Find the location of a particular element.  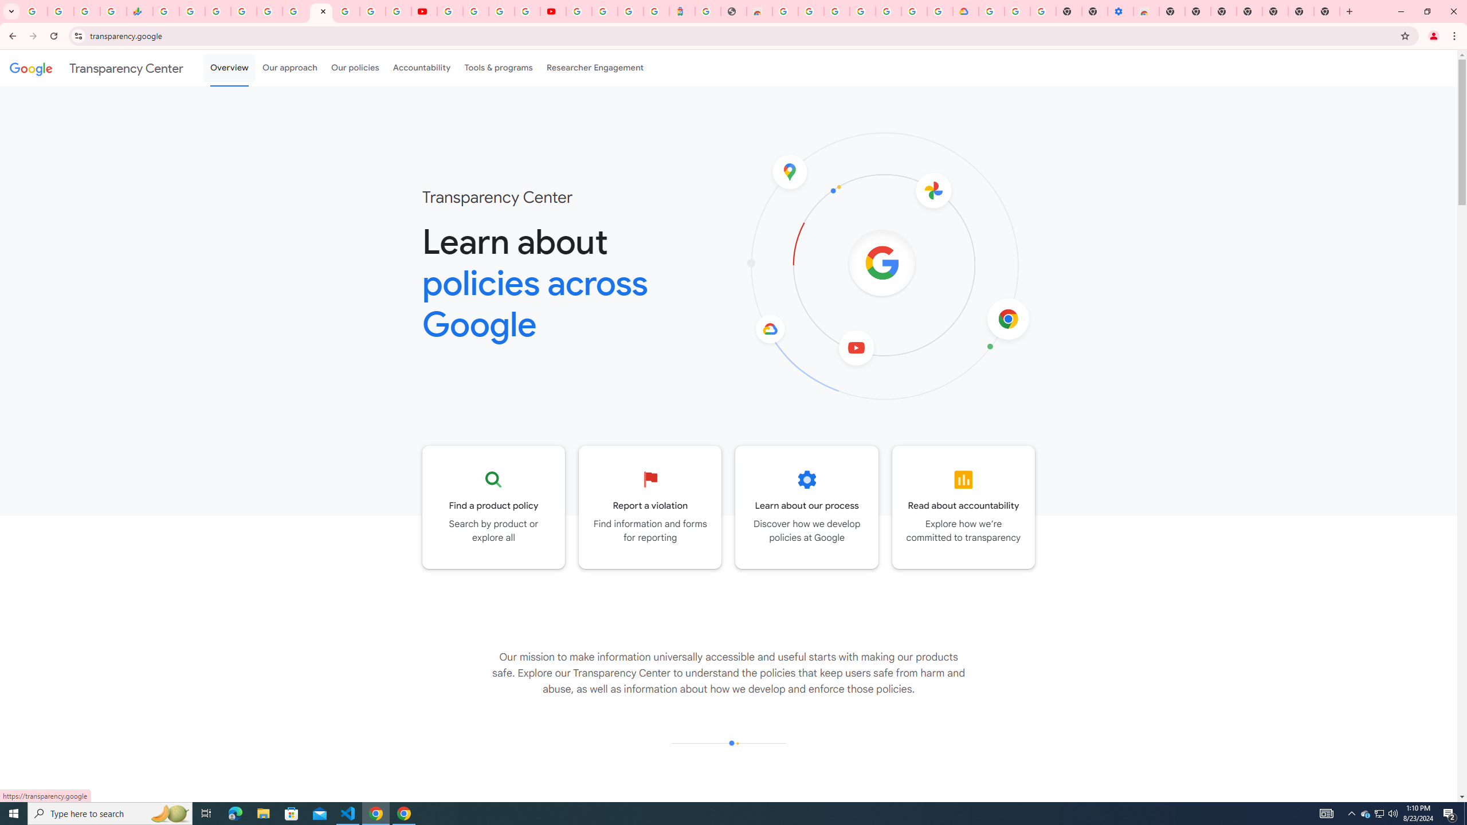

'Go to the Accountability page' is located at coordinates (963, 506).